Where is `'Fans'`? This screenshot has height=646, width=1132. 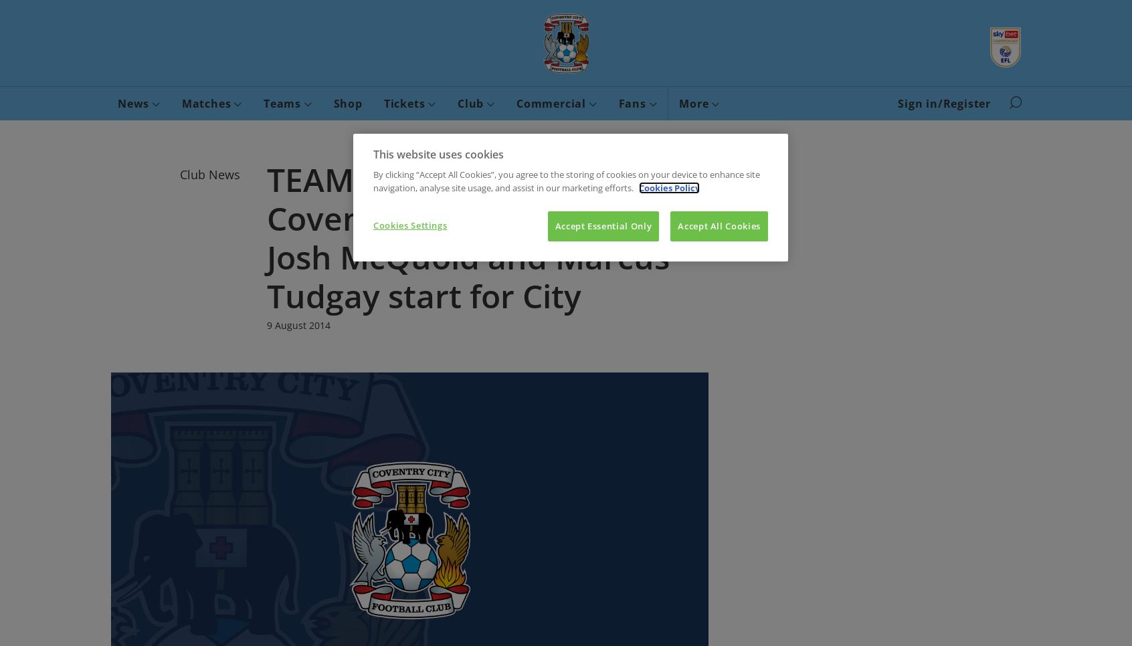
'Fans' is located at coordinates (634, 103).